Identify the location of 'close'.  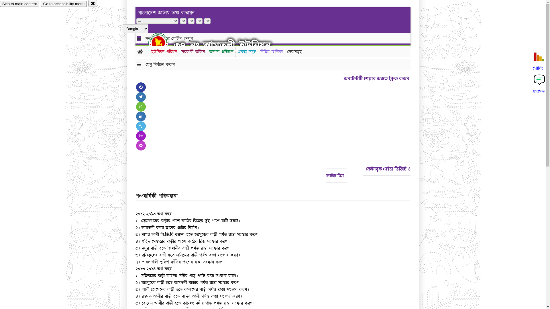
(93, 3).